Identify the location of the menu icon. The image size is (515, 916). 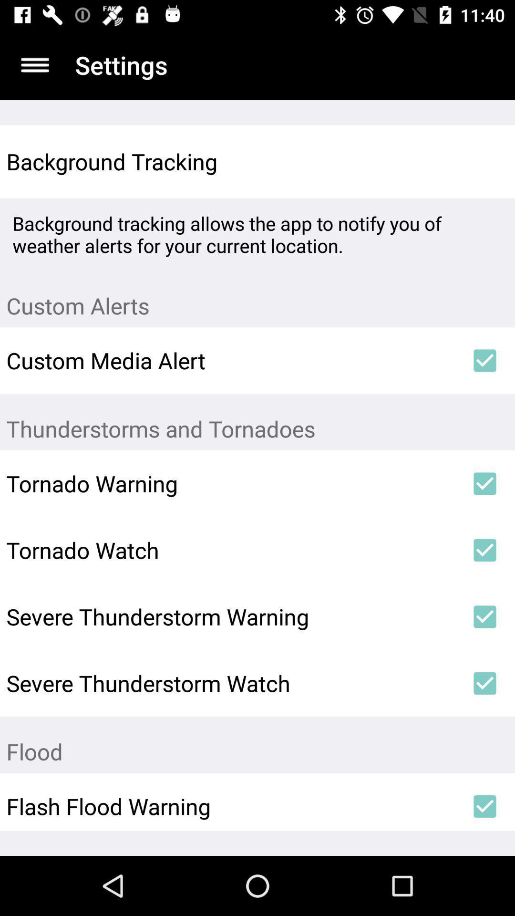
(34, 64).